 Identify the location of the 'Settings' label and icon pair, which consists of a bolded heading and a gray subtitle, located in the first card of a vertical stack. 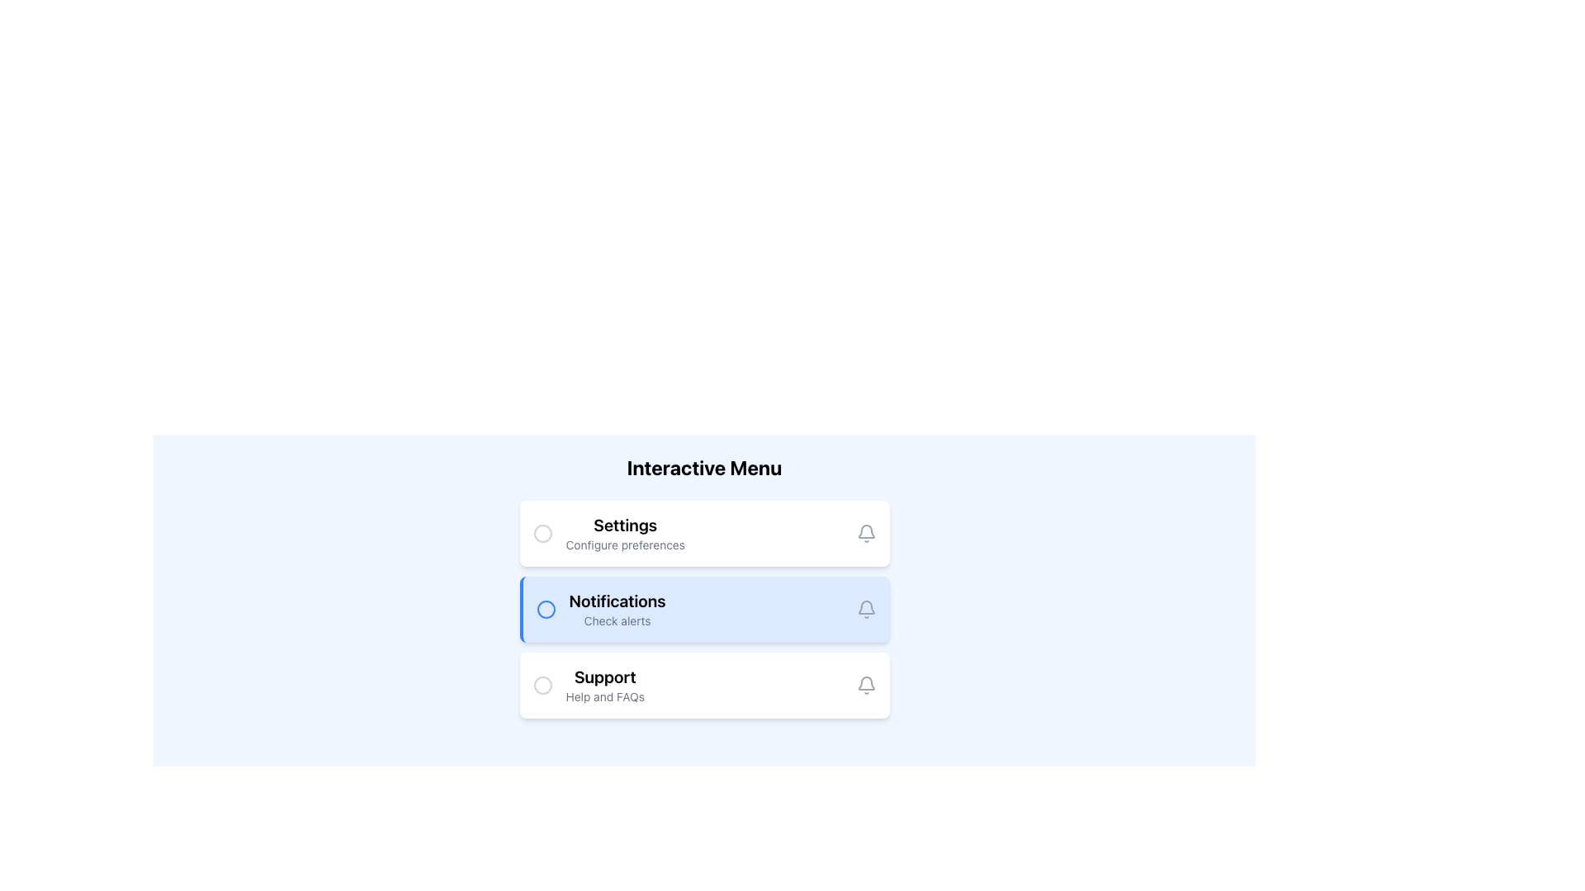
(608, 534).